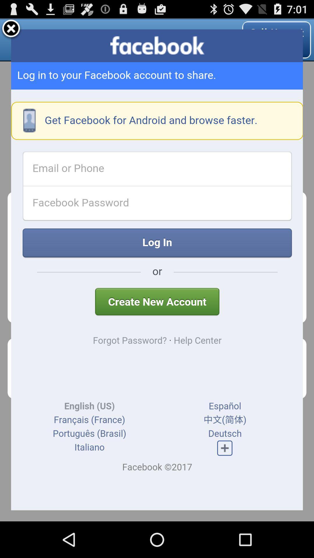 The height and width of the screenshot is (558, 314). I want to click on the window, so click(11, 29).